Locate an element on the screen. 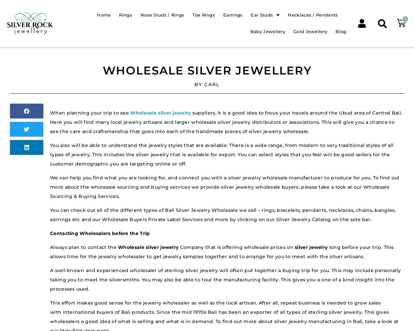  'You can check out all of the different types of Bali Silver Jewelry Wholesale we sell – rings, bracelets, pendants, necklaces, chains, bangles, earrings etc and our Wholesale Buyers Private Label Services and more by clicking on our Silver Jewelry Catalog on the side bar.' is located at coordinates (223, 215).